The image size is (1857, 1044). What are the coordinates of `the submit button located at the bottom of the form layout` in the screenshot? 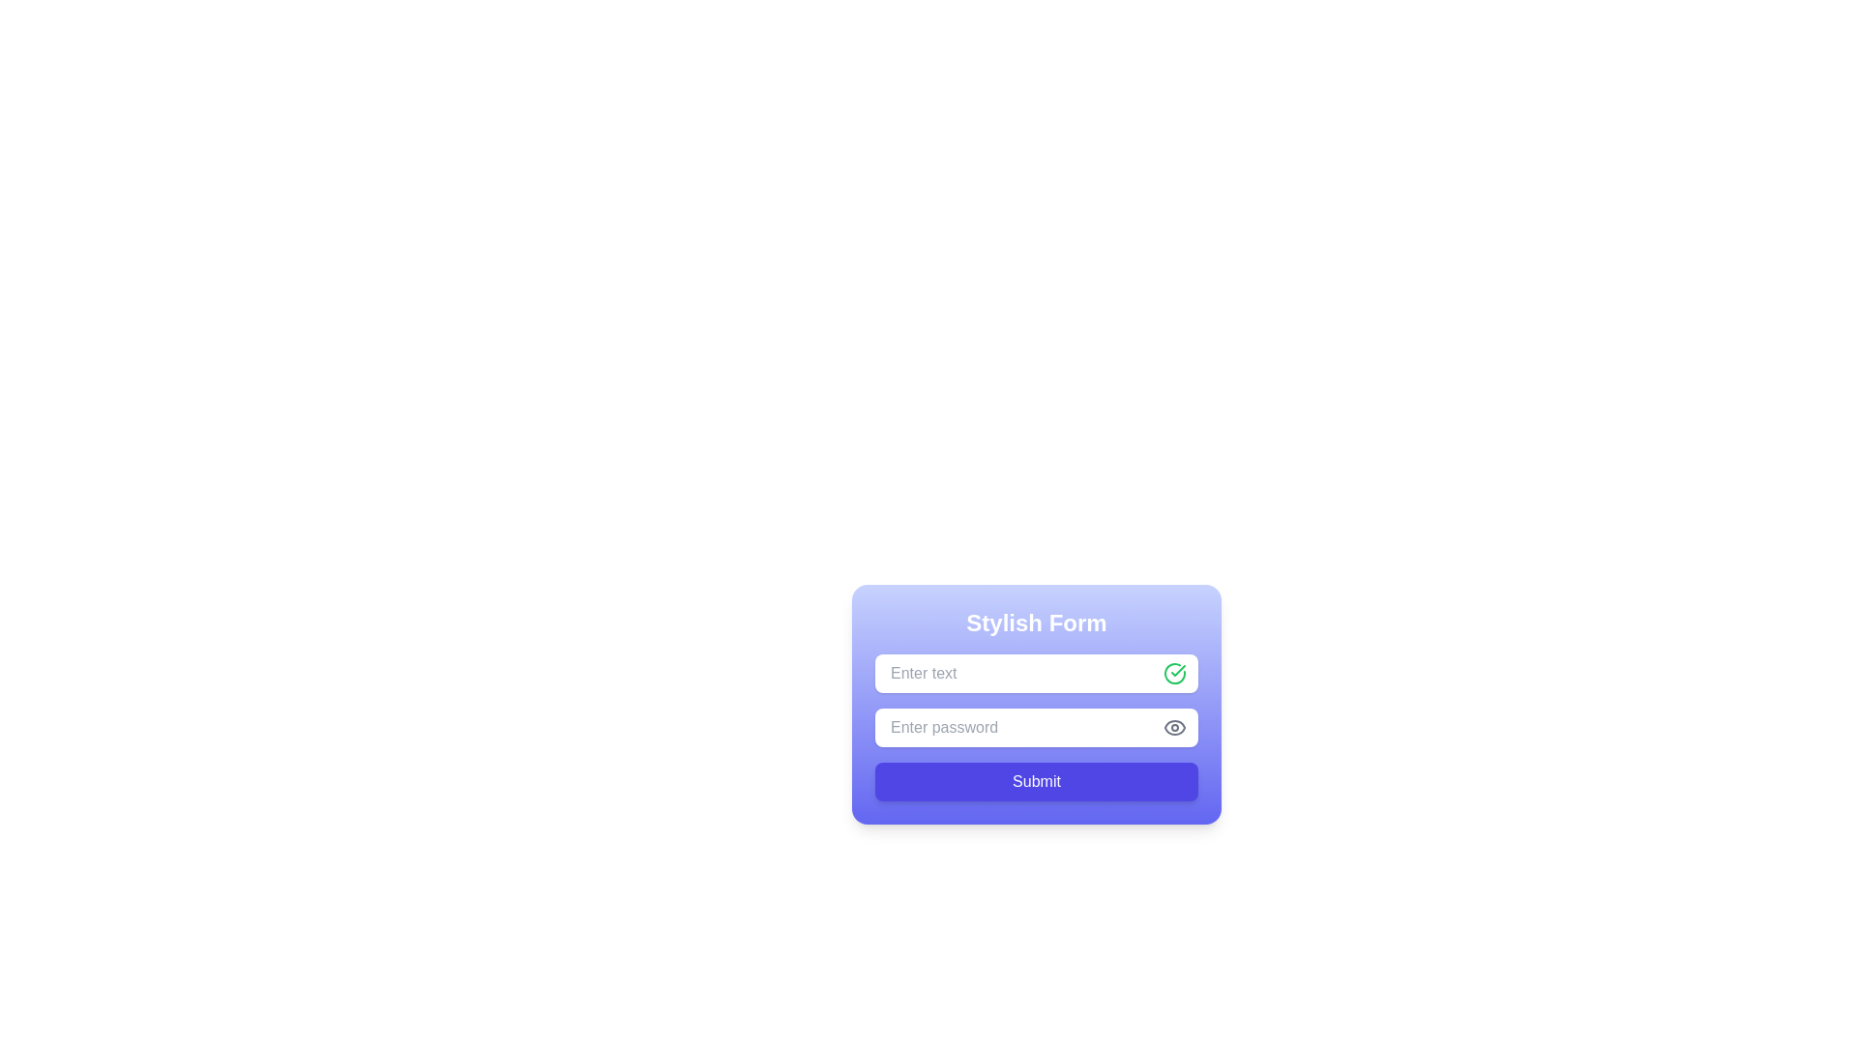 It's located at (1035, 767).